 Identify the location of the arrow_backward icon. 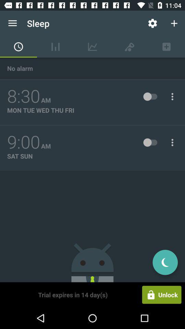
(165, 262).